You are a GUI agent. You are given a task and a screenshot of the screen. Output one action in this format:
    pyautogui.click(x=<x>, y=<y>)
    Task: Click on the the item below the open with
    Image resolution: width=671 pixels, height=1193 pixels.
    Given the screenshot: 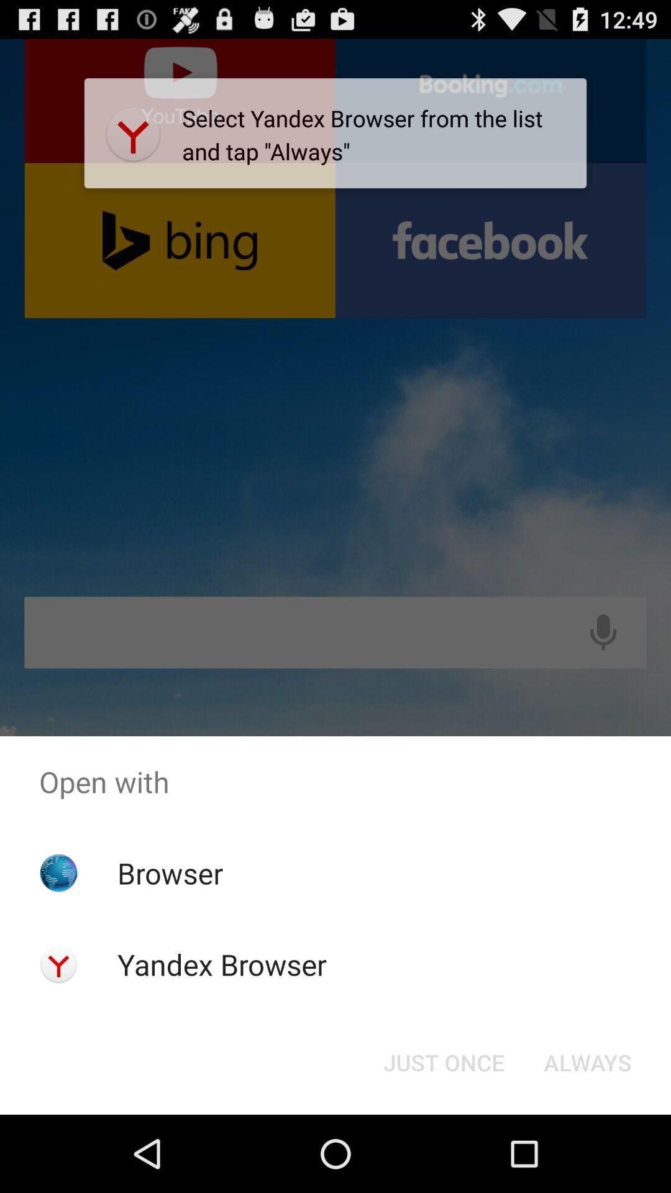 What is the action you would take?
    pyautogui.click(x=443, y=1061)
    